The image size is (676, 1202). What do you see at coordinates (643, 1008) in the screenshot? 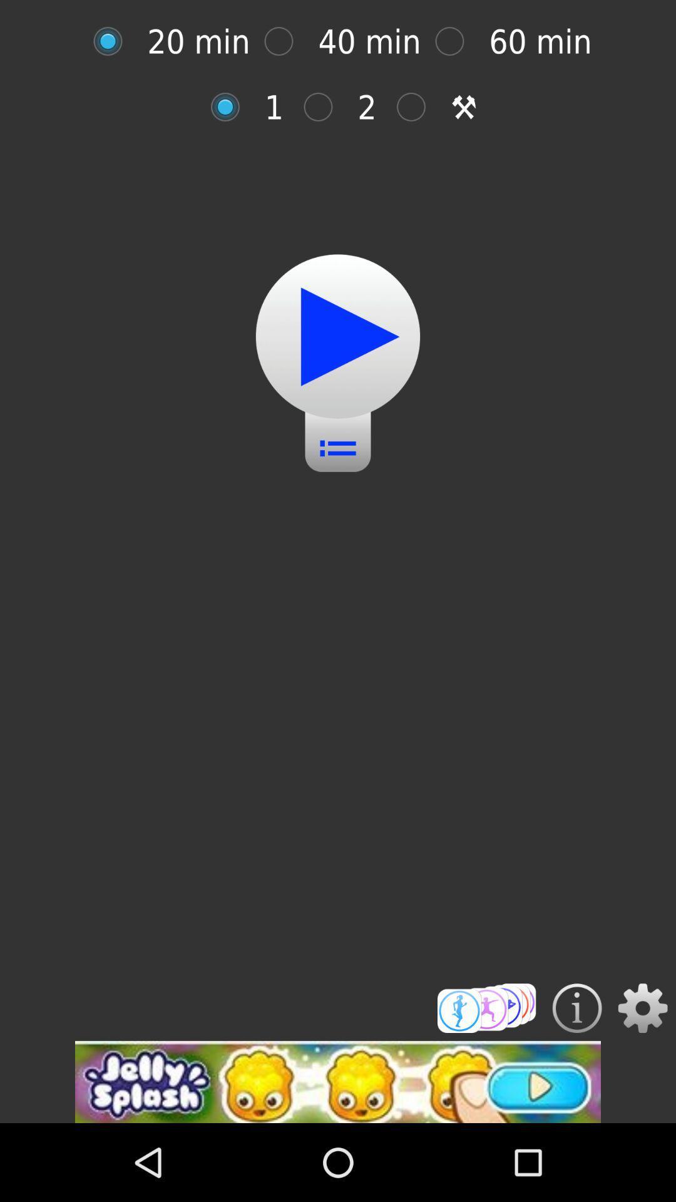
I see `settings button` at bounding box center [643, 1008].